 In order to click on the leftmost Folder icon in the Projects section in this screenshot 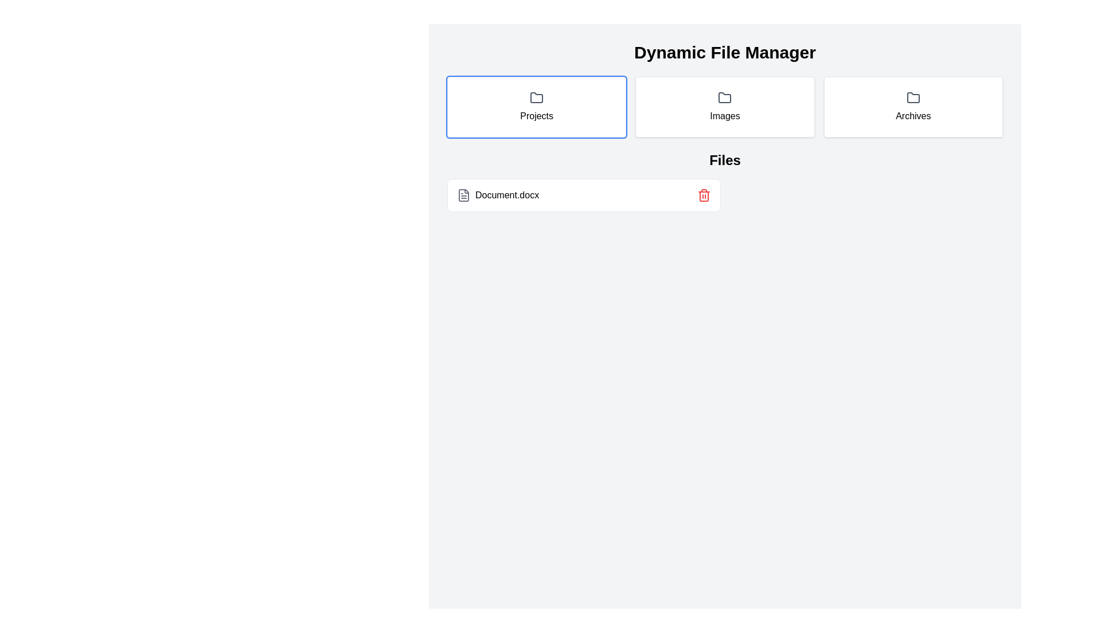, I will do `click(724, 97)`.